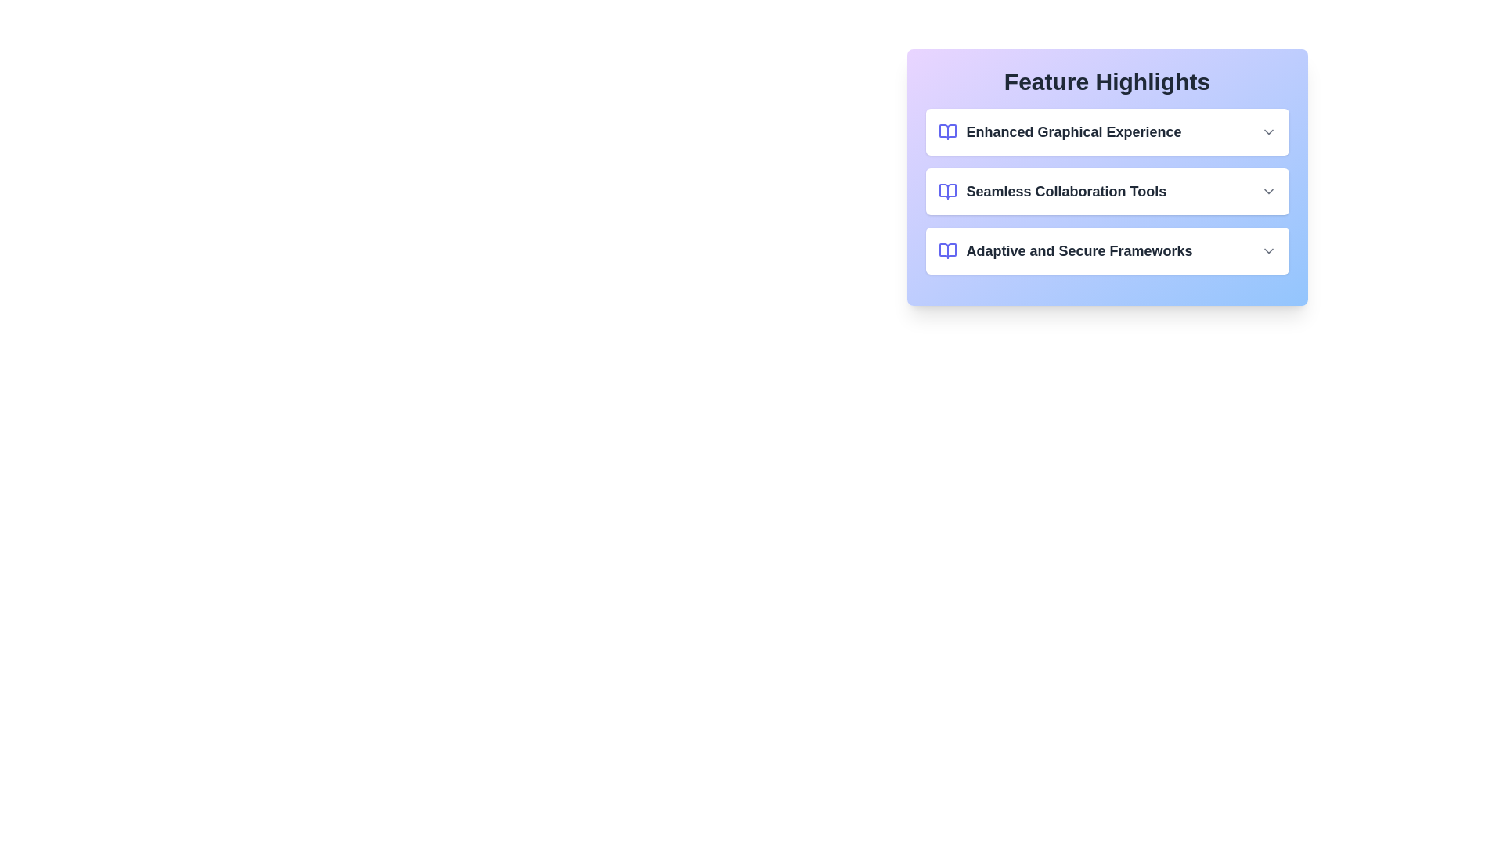 Image resolution: width=1503 pixels, height=845 pixels. I want to click on the 'Enhanced Graphical Experience' accordion item, so click(1106, 131).